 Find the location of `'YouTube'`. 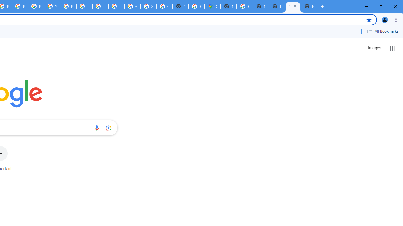

'YouTube' is located at coordinates (52, 6).